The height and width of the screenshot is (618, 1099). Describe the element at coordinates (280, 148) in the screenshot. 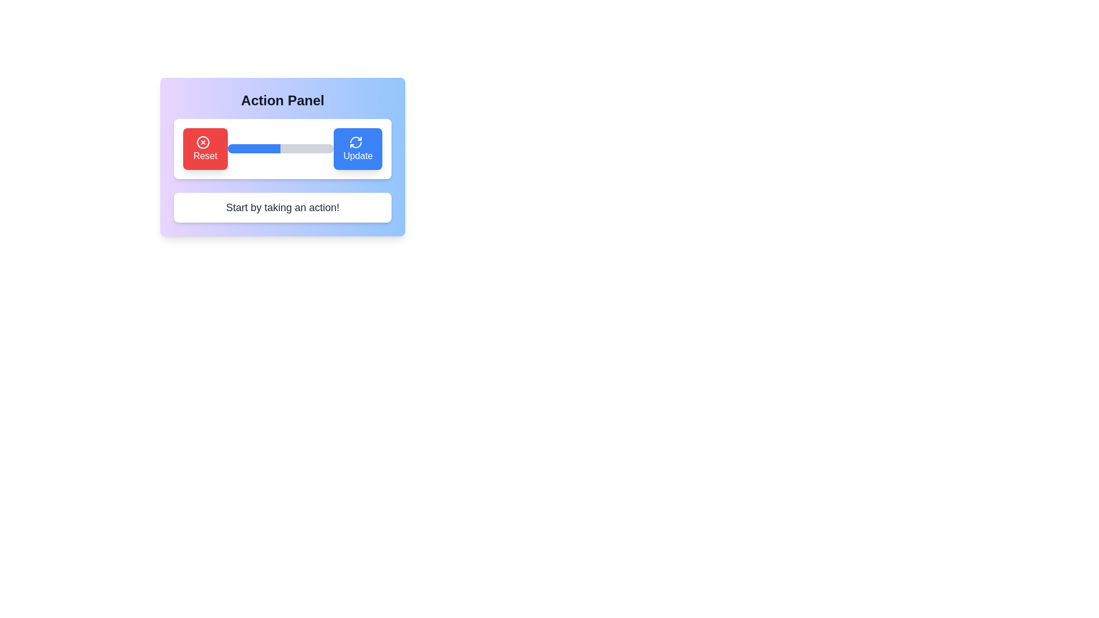

I see `the horizontal progress bar located centrally within the 'Action Panel' card, which is visually represented by a gray background and a blue-filled segment covering 50% of its width` at that location.